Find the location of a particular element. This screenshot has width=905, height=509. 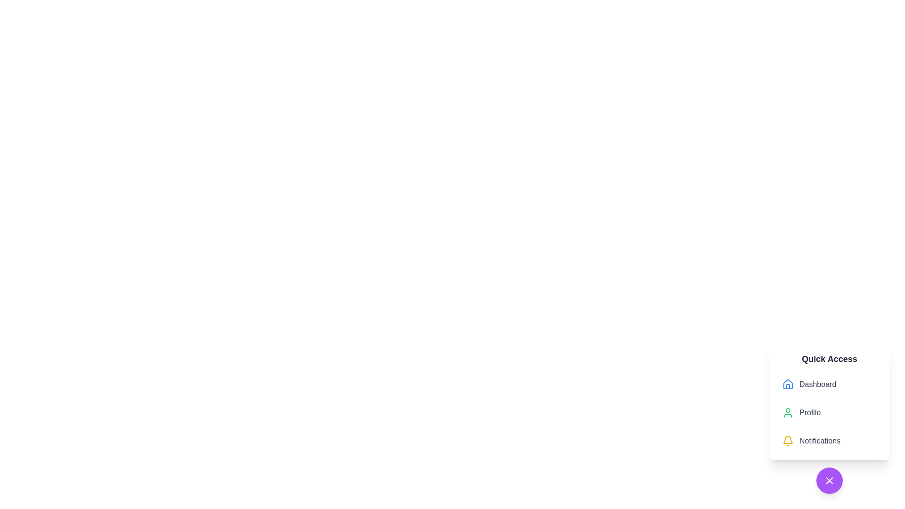

the close or cancel button, which is a circular purple button located at the bottom-right corner of the interface is located at coordinates (830, 480).